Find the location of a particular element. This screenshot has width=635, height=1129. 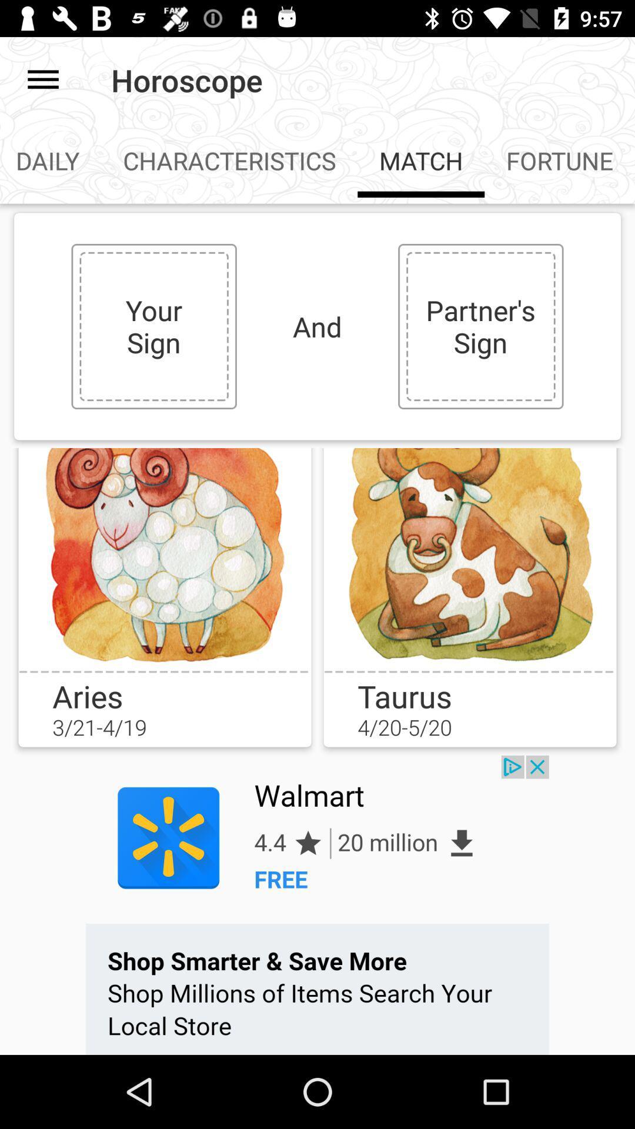

emoji is located at coordinates (469, 558).